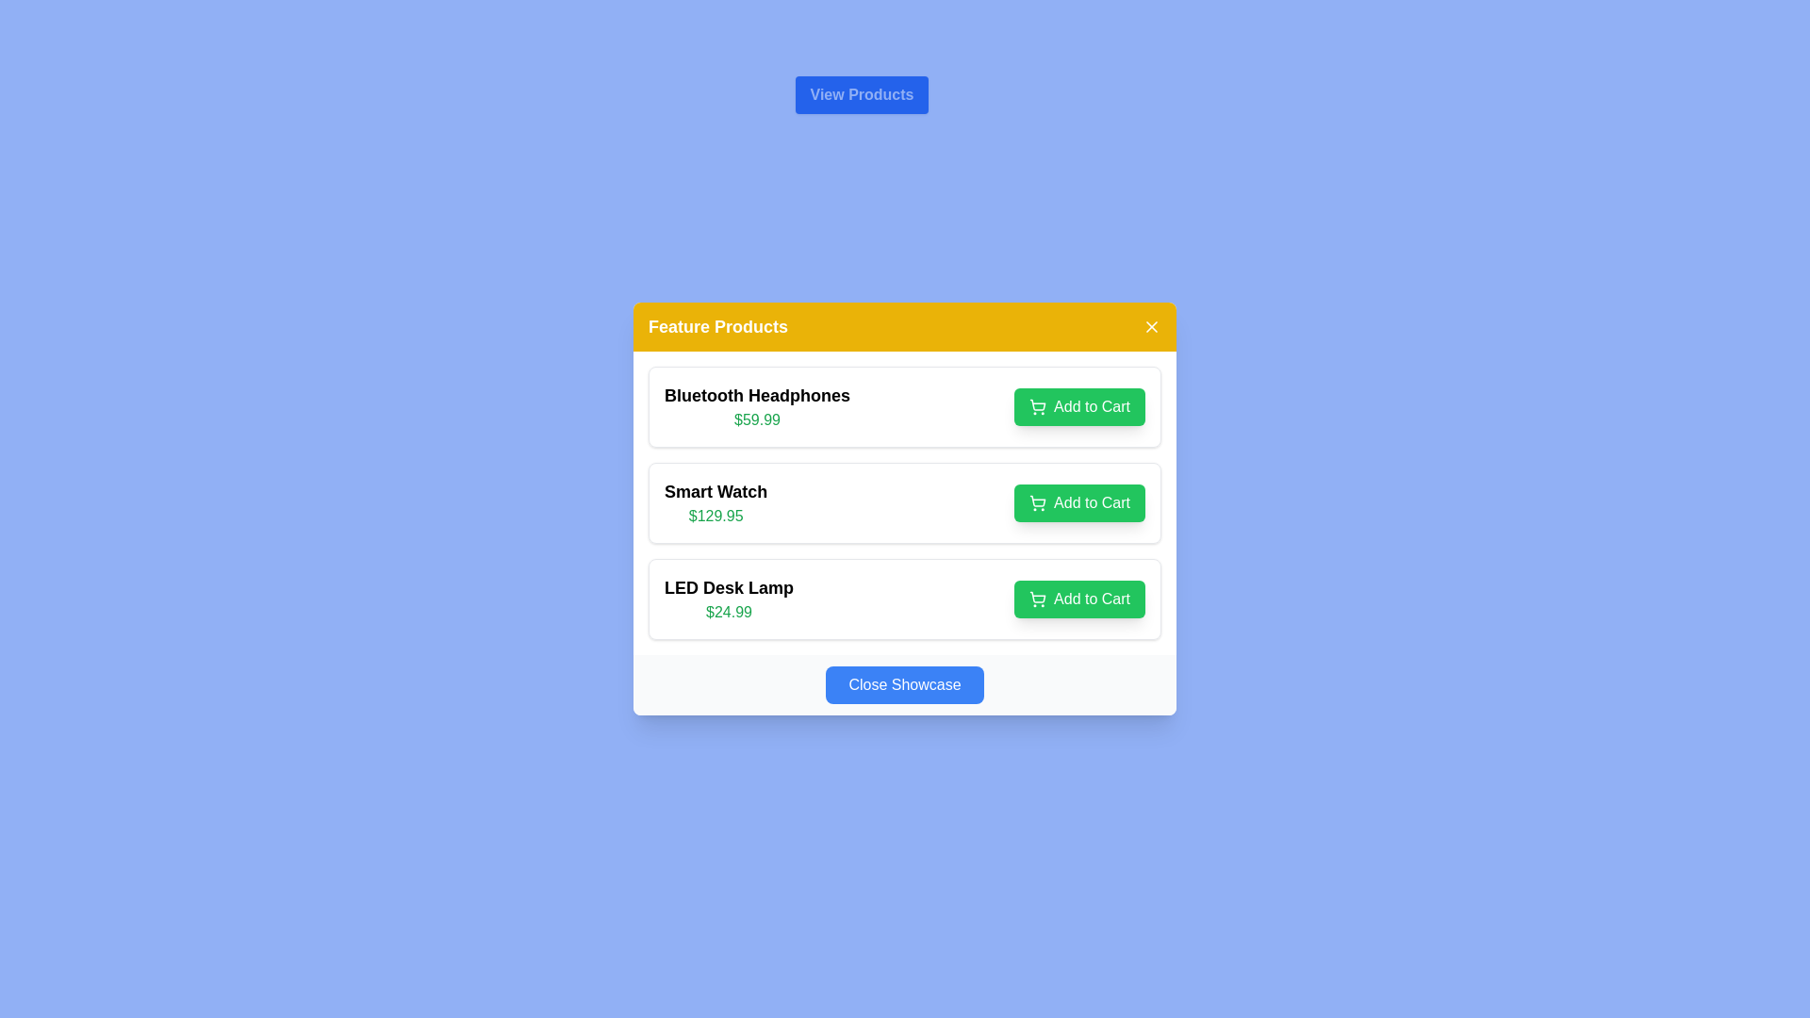 This screenshot has width=1810, height=1018. Describe the element at coordinates (905, 684) in the screenshot. I see `the close button located at the bottom center of the 'Feature Products' card` at that location.